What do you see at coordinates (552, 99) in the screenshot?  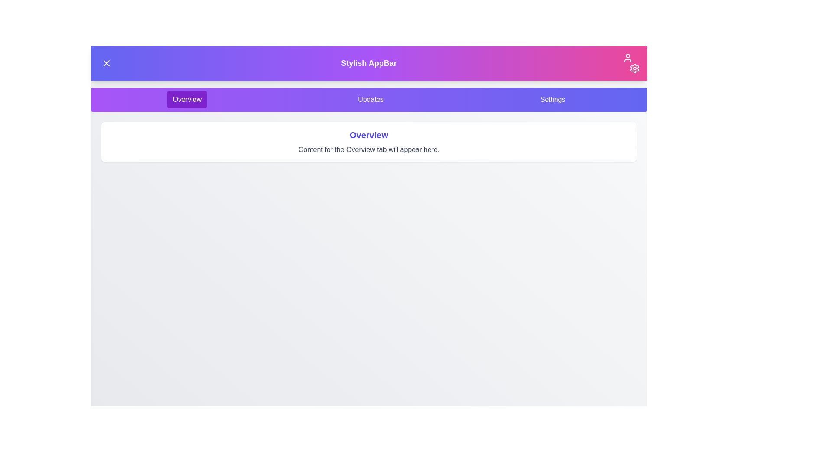 I see `the tab labeled Settings to observe its associated gradient and content` at bounding box center [552, 99].